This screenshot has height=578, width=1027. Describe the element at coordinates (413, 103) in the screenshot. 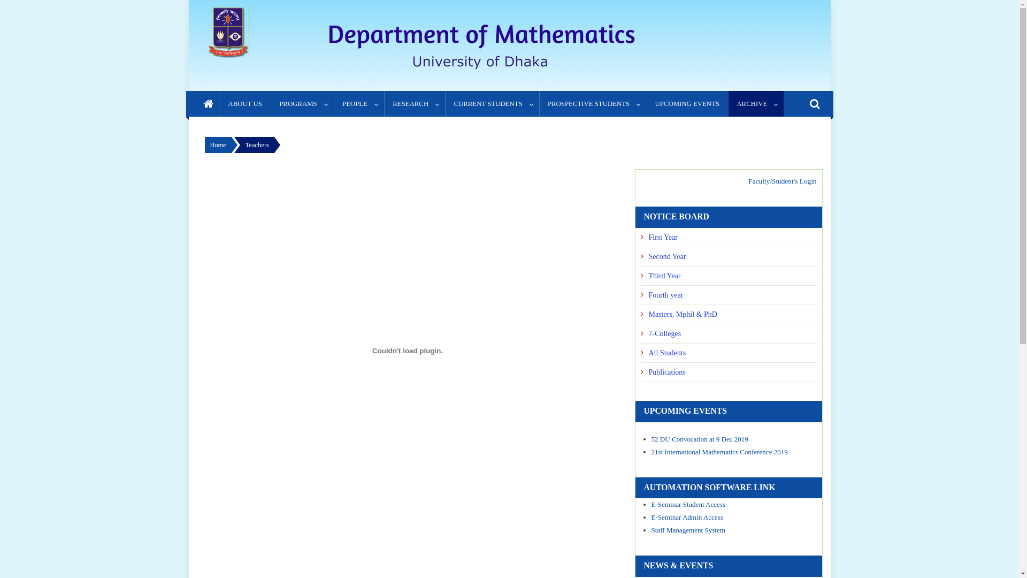

I see `'RESEARCH'` at that location.